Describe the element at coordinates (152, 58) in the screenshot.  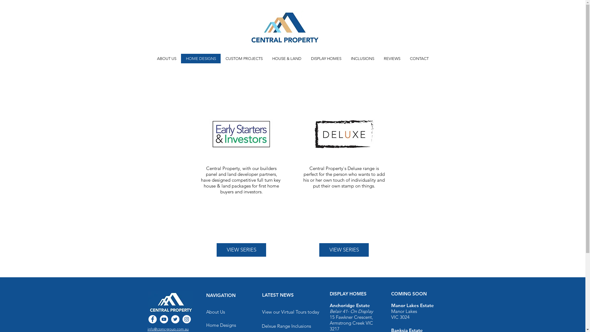
I see `'ABOUT US'` at that location.